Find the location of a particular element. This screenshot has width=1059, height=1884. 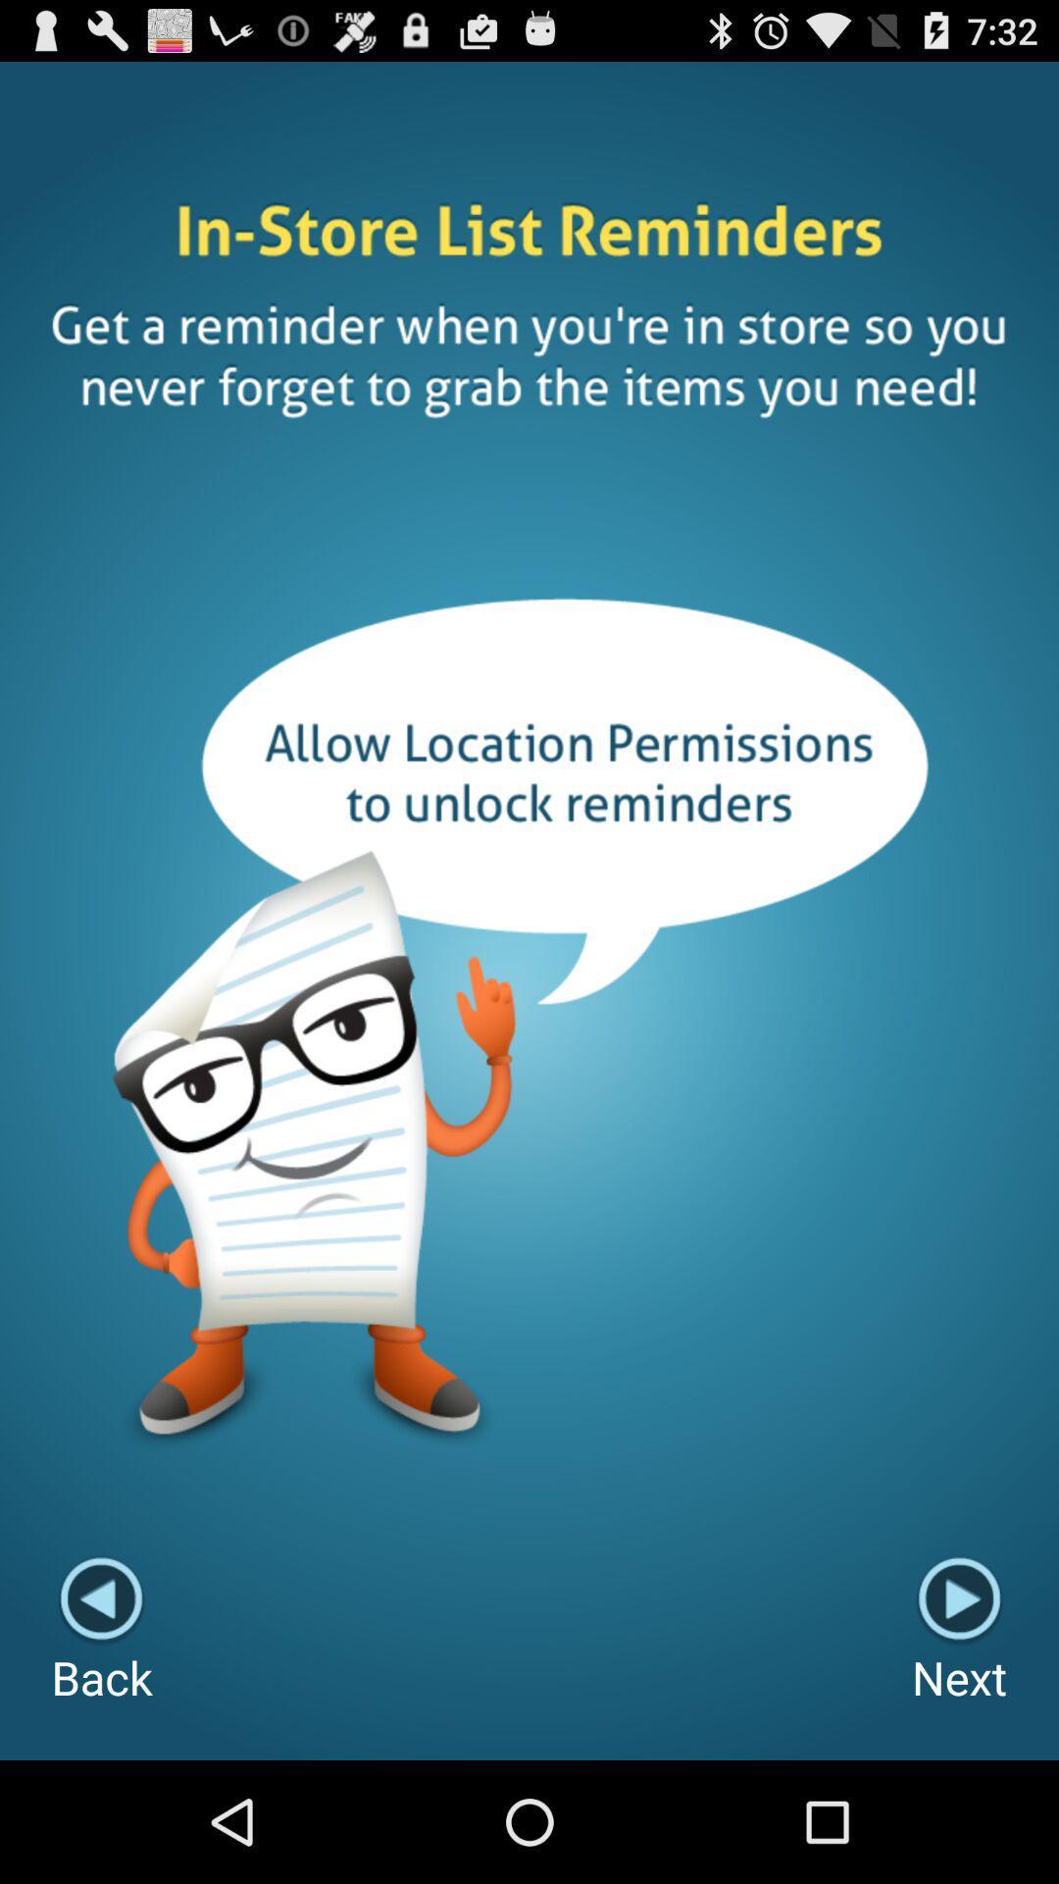

back is located at coordinates (102, 1632).